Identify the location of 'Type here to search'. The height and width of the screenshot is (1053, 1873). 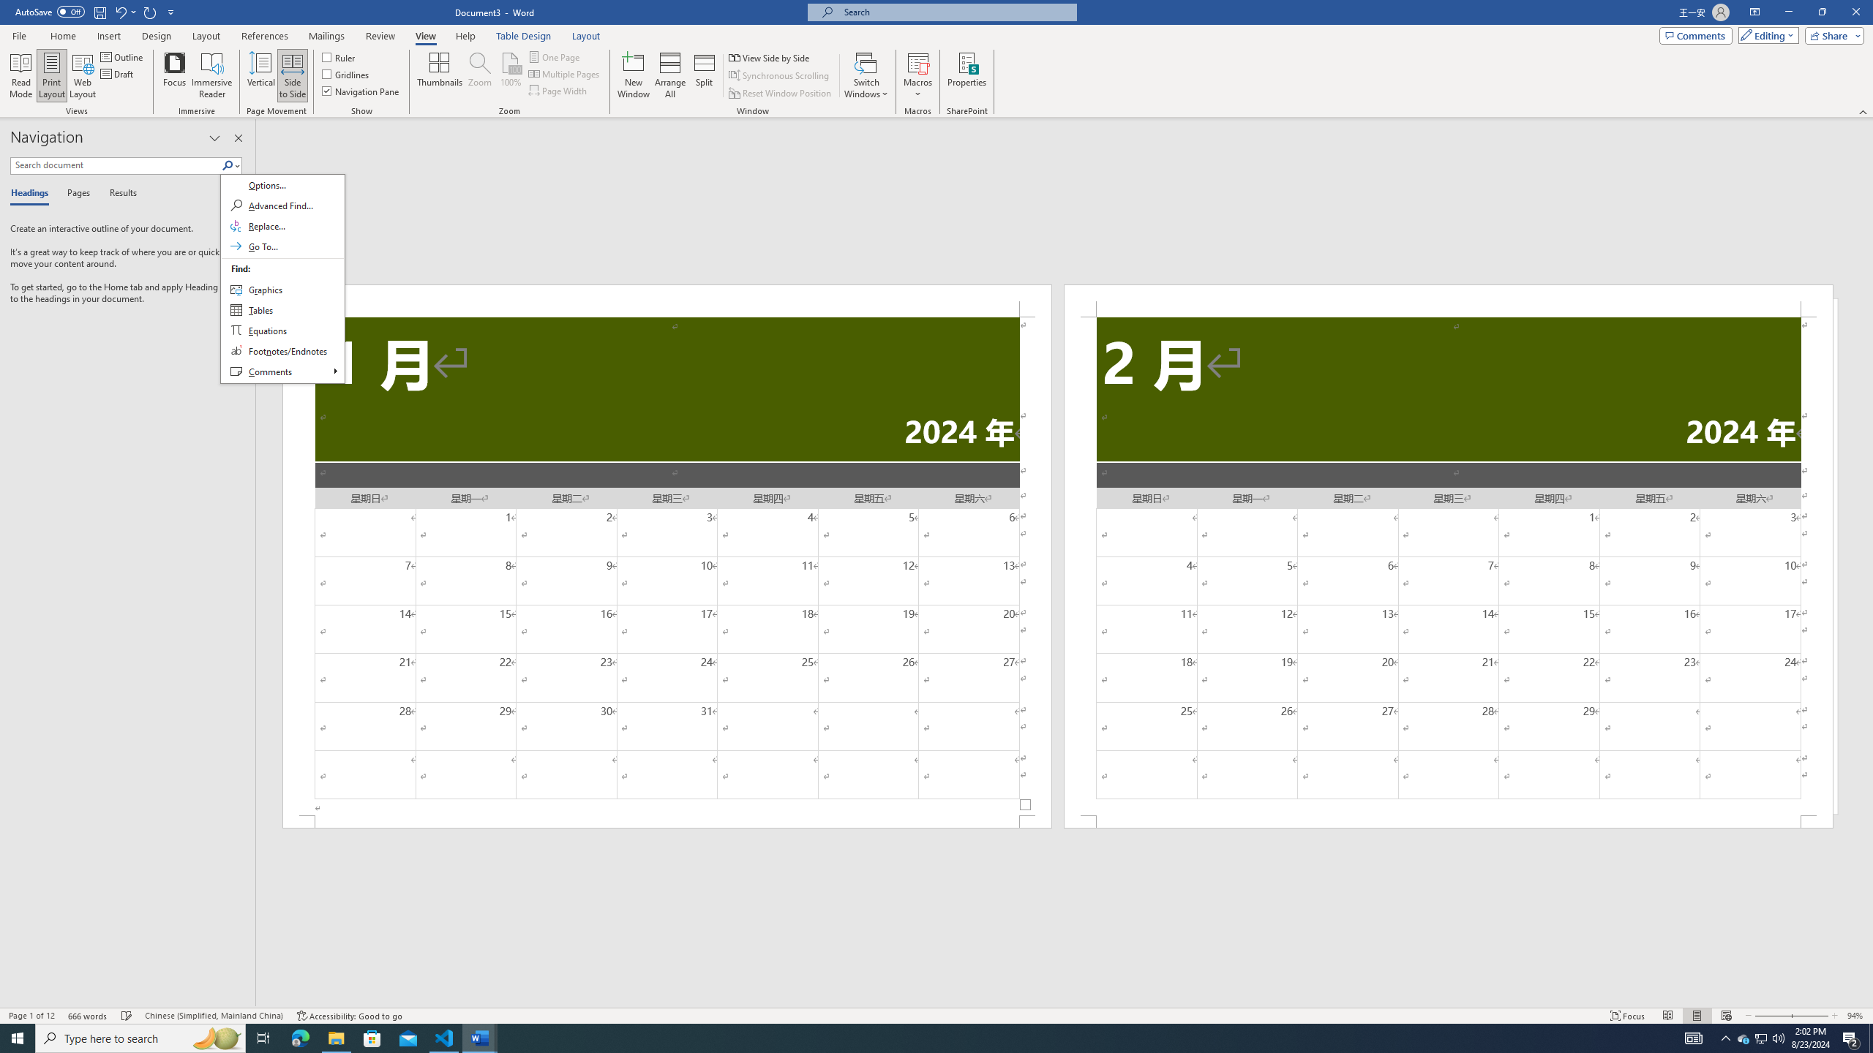
(140, 1037).